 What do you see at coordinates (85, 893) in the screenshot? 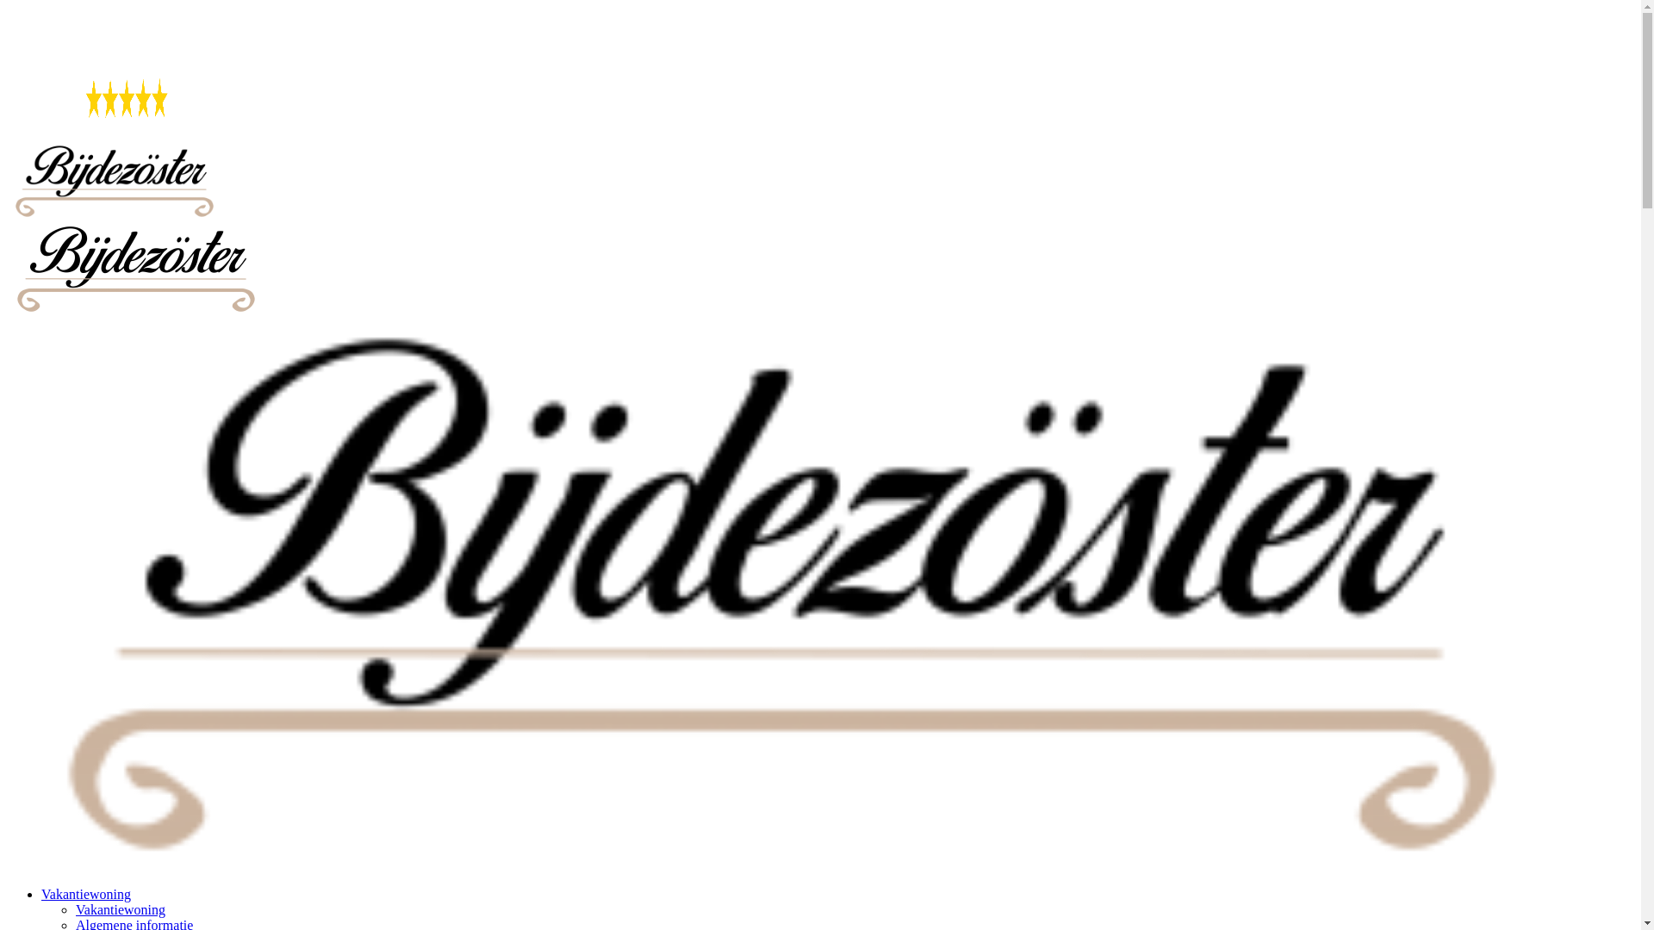
I see `'Vakantiewoning'` at bounding box center [85, 893].